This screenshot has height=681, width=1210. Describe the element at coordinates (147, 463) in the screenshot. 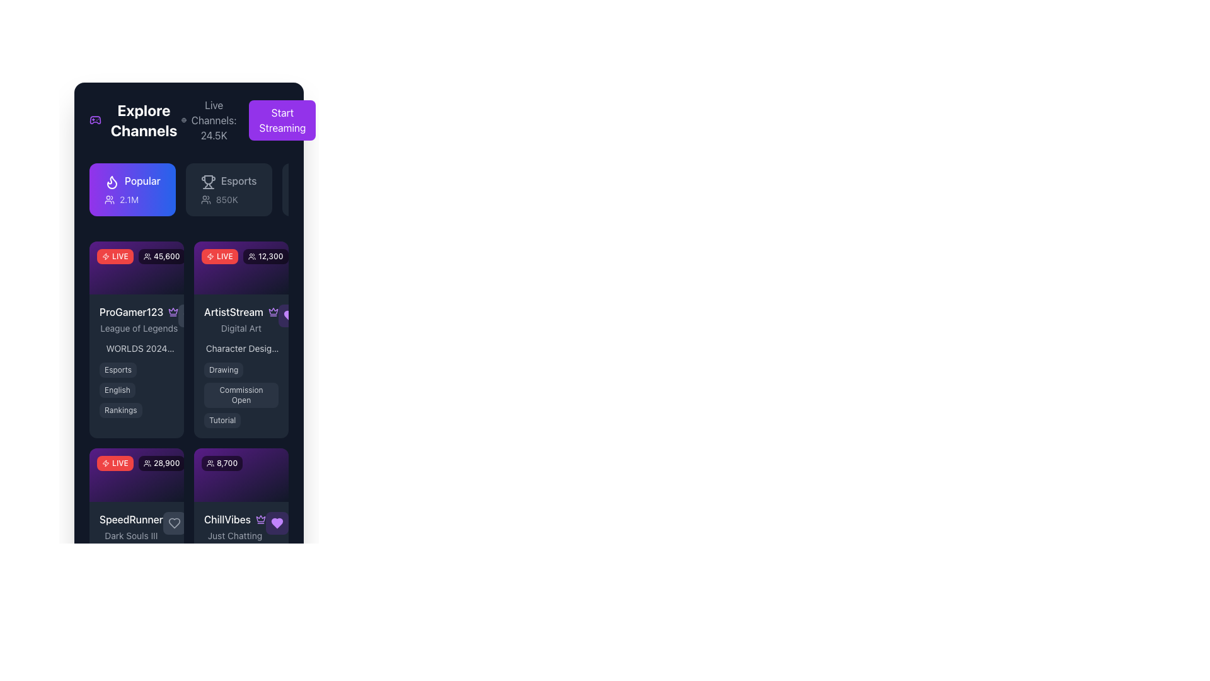

I see `the circular icon located to the left of the text '28,900' in the bottom left section of the grid, which serves as a visual indicator of the number of viewers or participants` at that location.